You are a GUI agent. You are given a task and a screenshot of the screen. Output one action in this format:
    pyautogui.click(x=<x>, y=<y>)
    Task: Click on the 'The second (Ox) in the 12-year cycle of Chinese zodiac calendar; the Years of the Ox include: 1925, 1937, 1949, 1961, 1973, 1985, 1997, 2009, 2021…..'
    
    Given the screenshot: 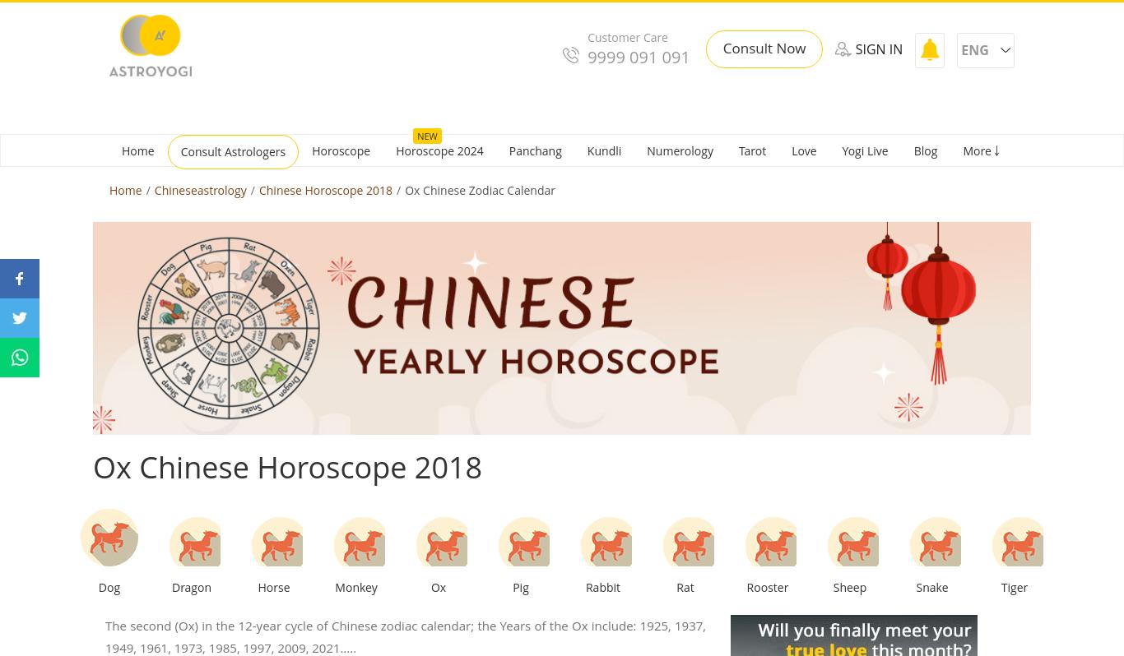 What is the action you would take?
    pyautogui.click(x=405, y=635)
    